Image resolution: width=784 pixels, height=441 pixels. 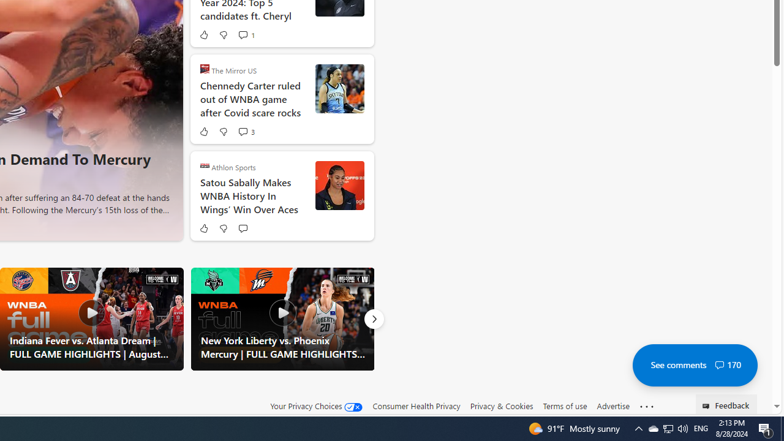 What do you see at coordinates (243, 228) in the screenshot?
I see `'Start the conversation'` at bounding box center [243, 228].